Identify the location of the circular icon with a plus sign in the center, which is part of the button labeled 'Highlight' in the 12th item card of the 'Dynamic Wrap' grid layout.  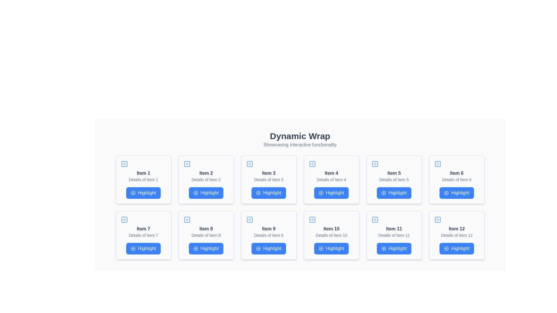
(384, 248).